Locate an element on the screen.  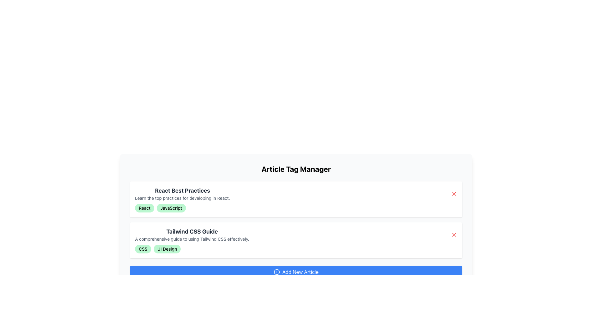
the 'UI Design' label tag, which is a small, horizontally elongated capsule-shaped label with a green background, located in the second row of tags under the 'Tailwind CSS Guide' article is located at coordinates (167, 248).